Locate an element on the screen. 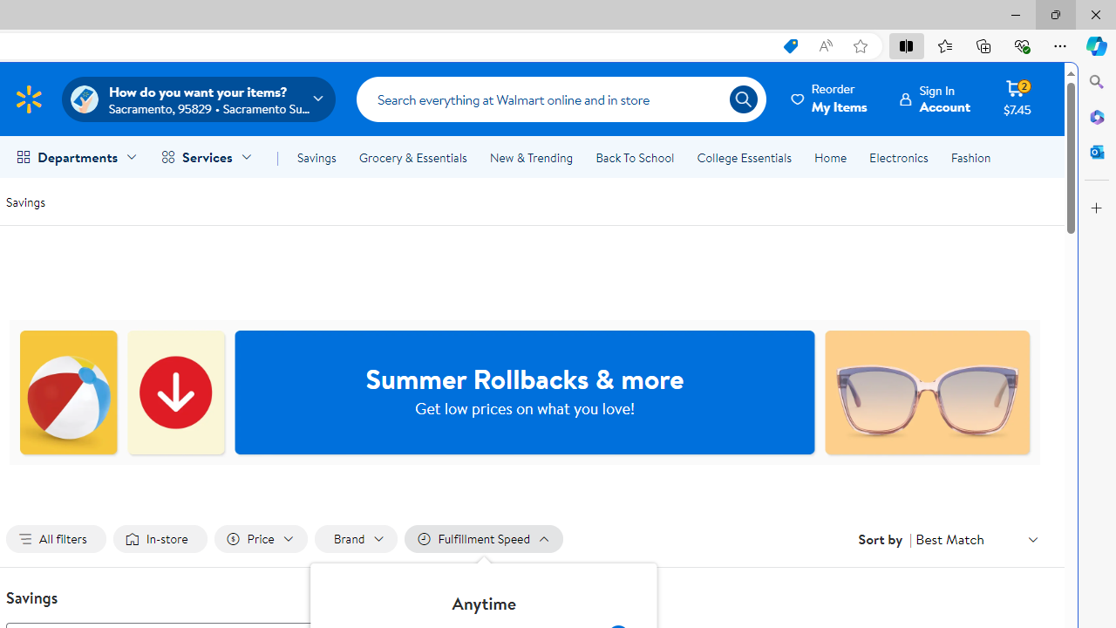 Image resolution: width=1116 pixels, height=628 pixels. 'Filter by Price not applied, activate to change' is located at coordinates (259, 538).